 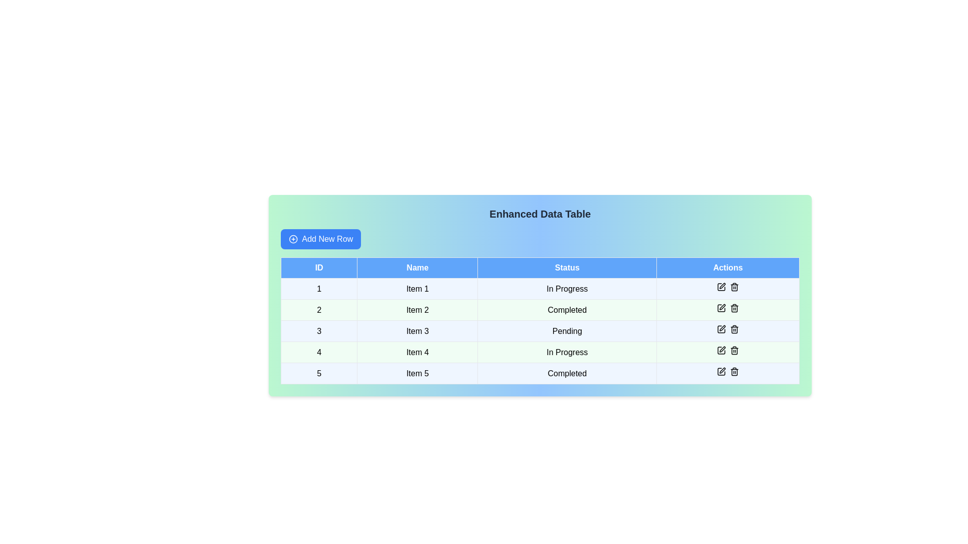 I want to click on the 'Pending' text label in the third row of the 'Status' column of the data table, which is located between the 'Name' and 'Actions' columns, so click(x=567, y=331).